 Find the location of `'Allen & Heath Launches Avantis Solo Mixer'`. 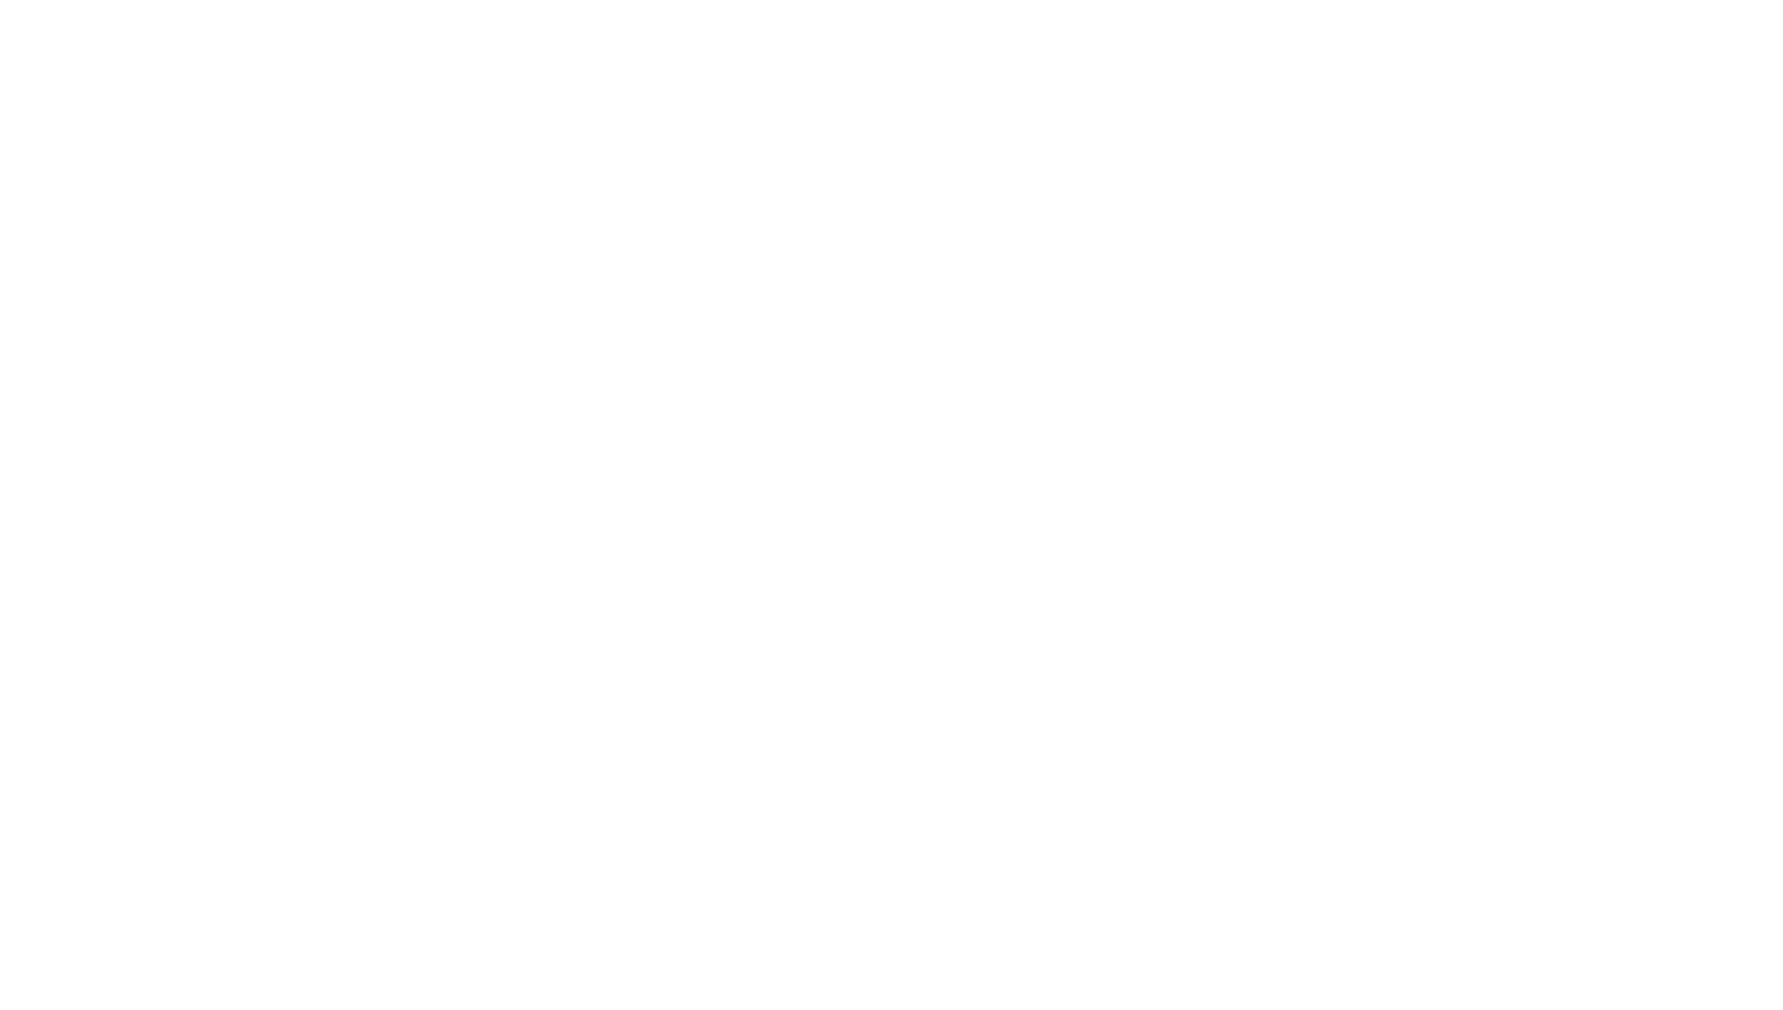

'Allen & Heath Launches Avantis Solo Mixer' is located at coordinates (759, 249).